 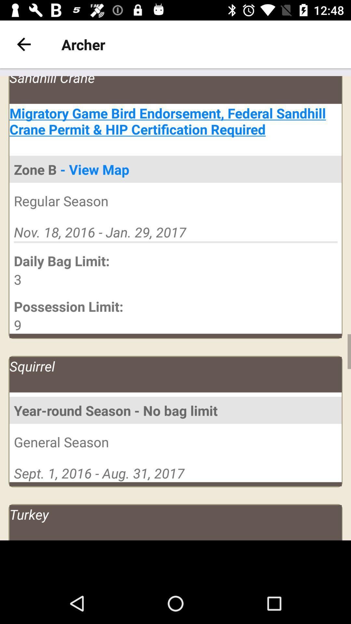 What do you see at coordinates (23, 44) in the screenshot?
I see `back button which is on the top left side of page` at bounding box center [23, 44].